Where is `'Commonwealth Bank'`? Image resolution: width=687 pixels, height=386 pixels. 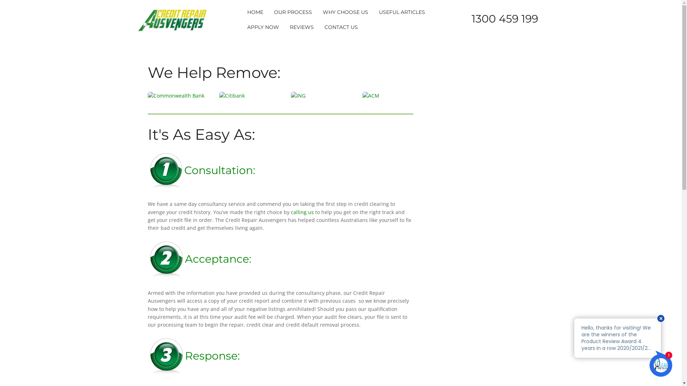
'Commonwealth Bank' is located at coordinates (178, 95).